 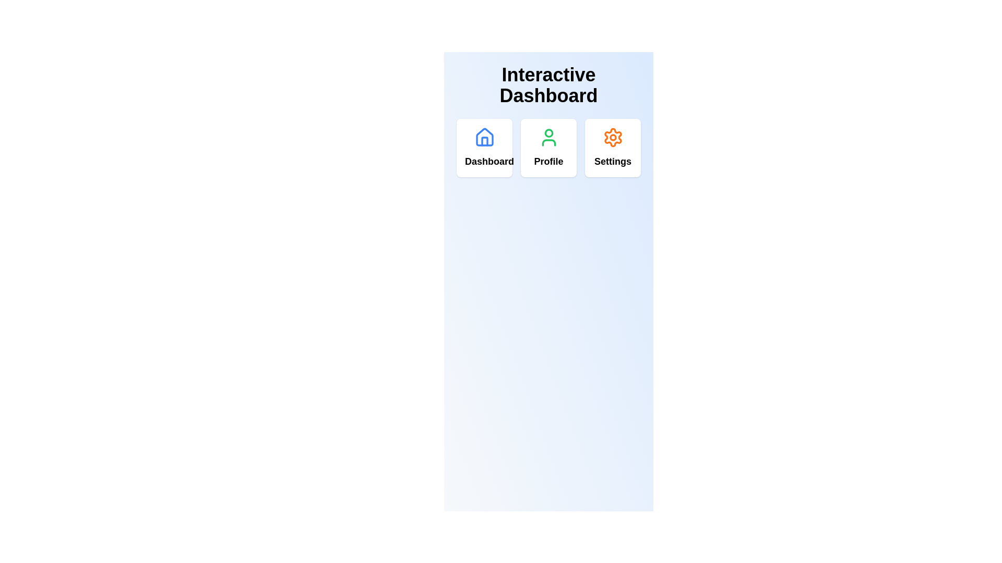 What do you see at coordinates (613, 137) in the screenshot?
I see `the orange gear-shaped icon in the settings button group on the right side of the horizontal menu` at bounding box center [613, 137].